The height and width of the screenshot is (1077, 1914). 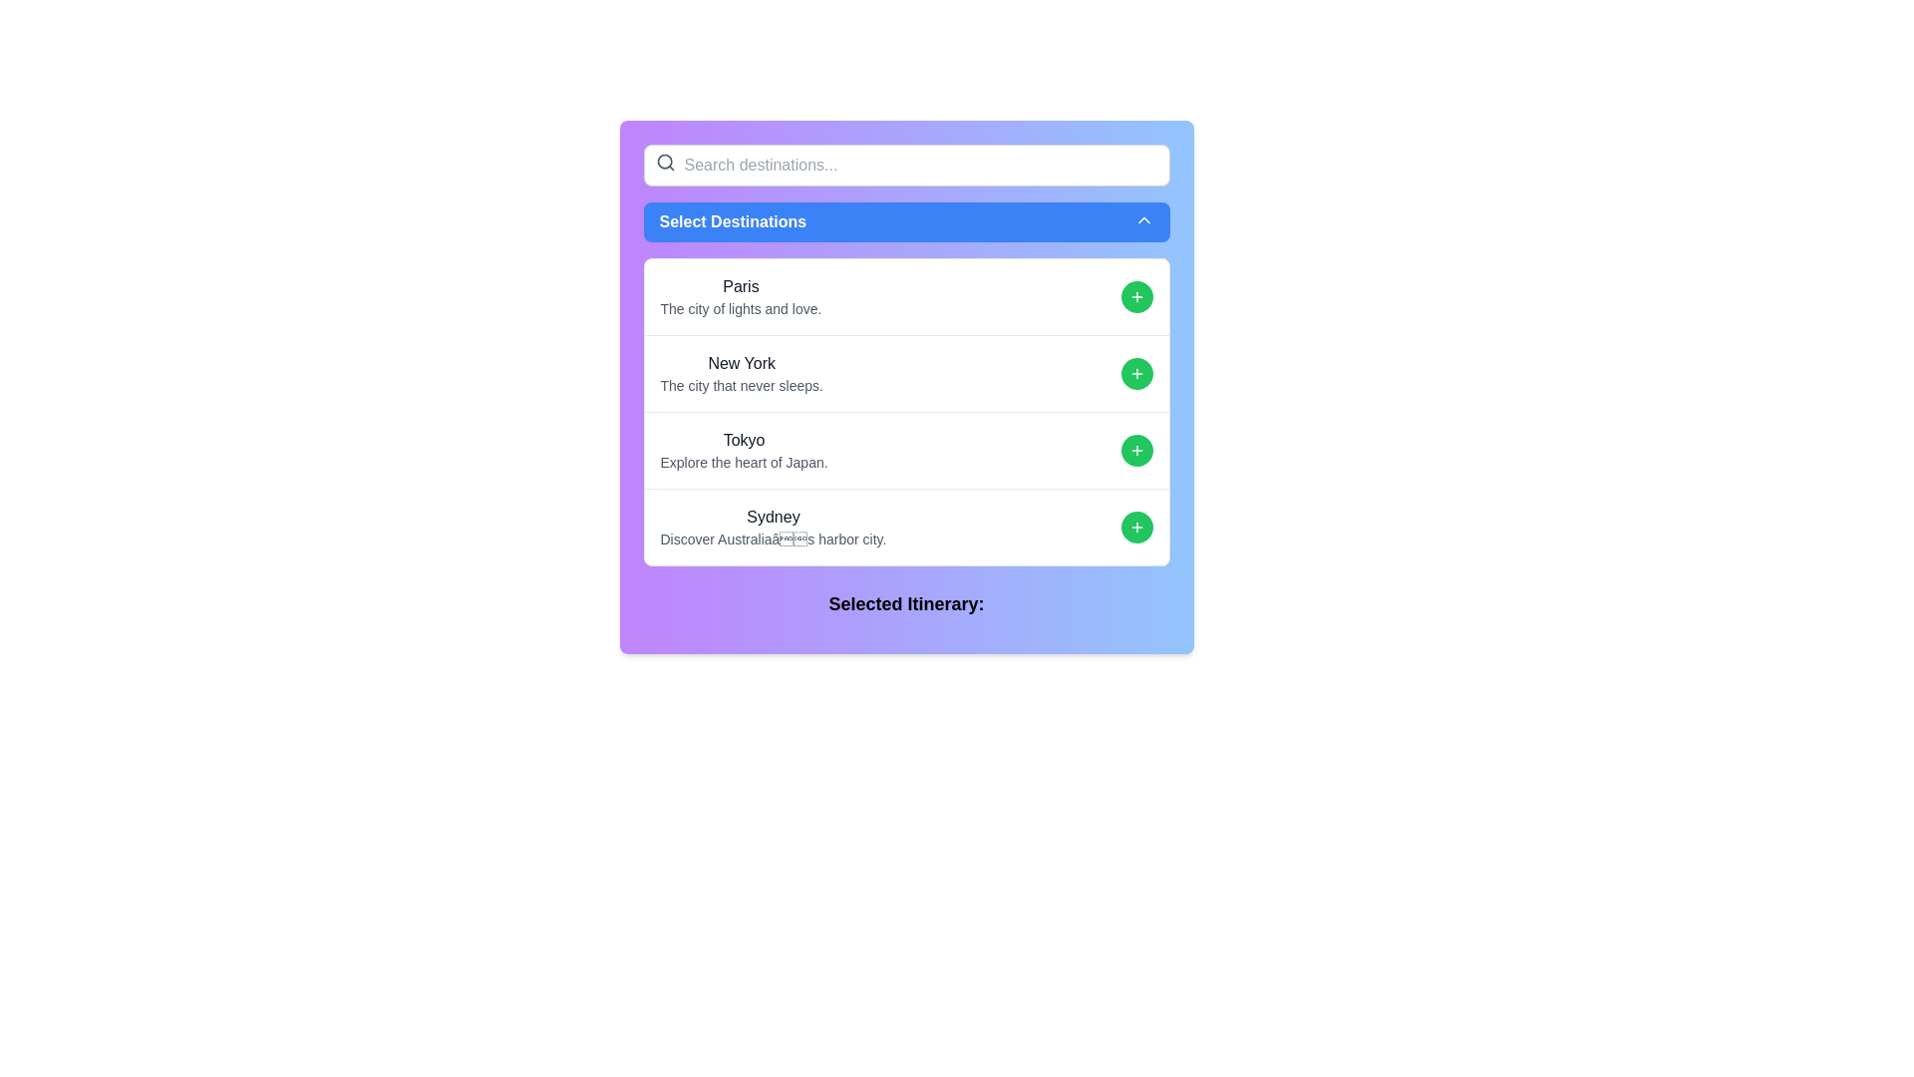 I want to click on the text element reading 'Explore the heart of Japan.', which is styled in grey and positioned beneath the heading 'Tokyo' in the 'Select Destinations' section, so click(x=743, y=462).